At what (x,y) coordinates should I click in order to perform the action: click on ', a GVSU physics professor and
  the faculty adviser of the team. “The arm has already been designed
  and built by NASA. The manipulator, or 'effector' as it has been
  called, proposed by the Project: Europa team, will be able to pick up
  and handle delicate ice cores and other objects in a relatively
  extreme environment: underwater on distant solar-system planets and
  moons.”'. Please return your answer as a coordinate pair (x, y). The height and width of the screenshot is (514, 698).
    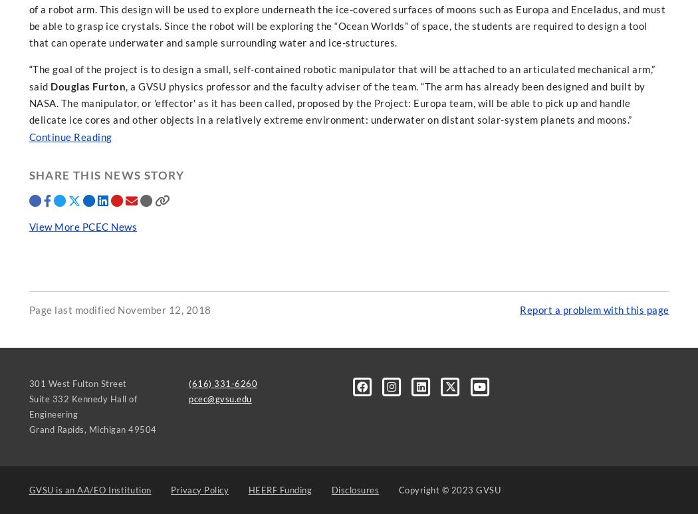
    Looking at the image, I should click on (336, 102).